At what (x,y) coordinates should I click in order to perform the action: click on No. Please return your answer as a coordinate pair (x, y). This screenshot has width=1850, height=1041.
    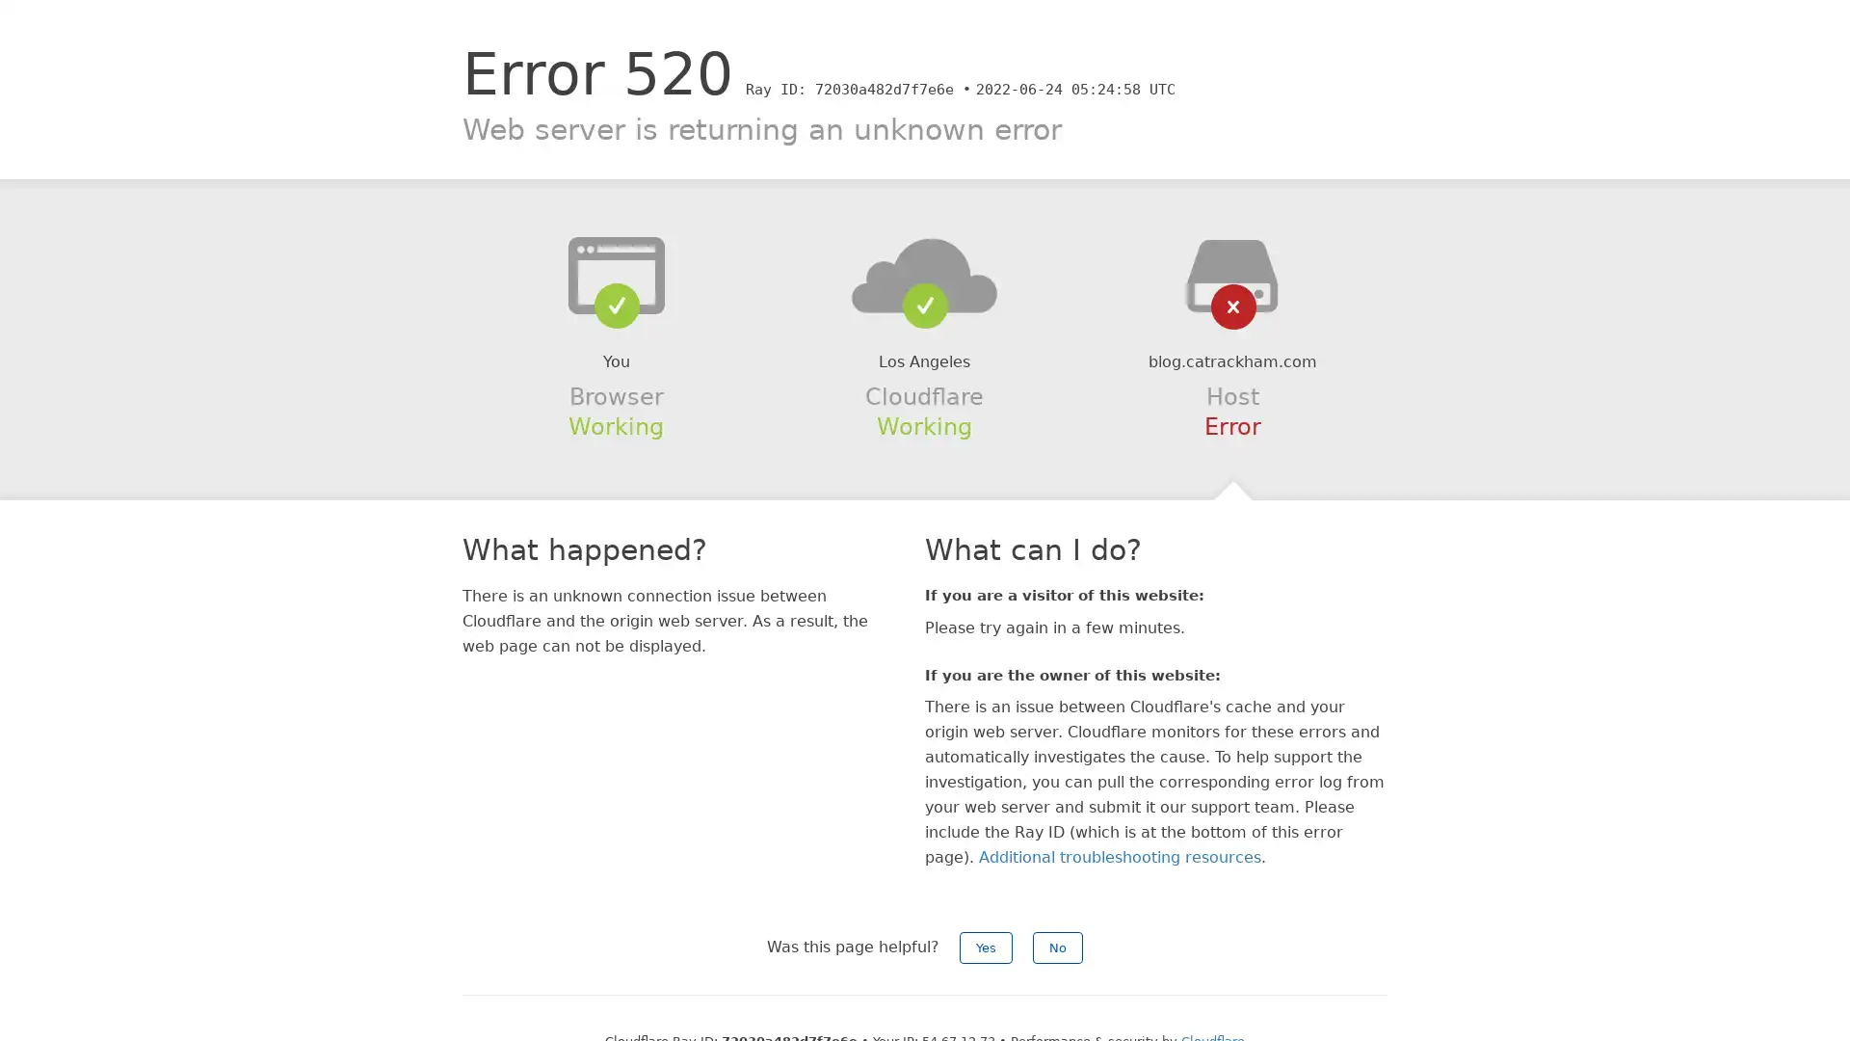
    Looking at the image, I should click on (1057, 947).